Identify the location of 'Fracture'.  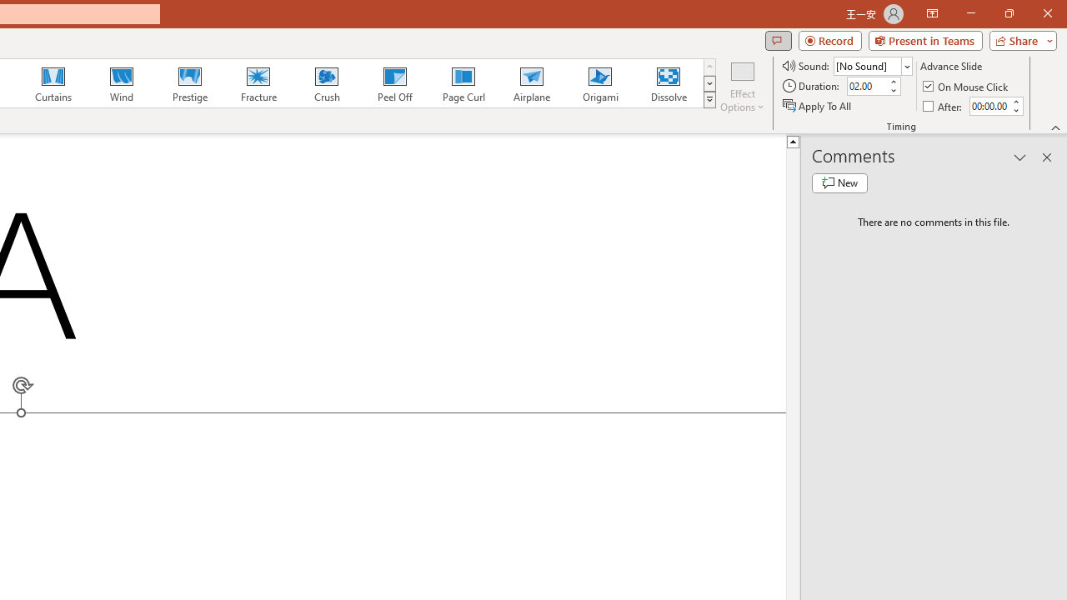
(257, 83).